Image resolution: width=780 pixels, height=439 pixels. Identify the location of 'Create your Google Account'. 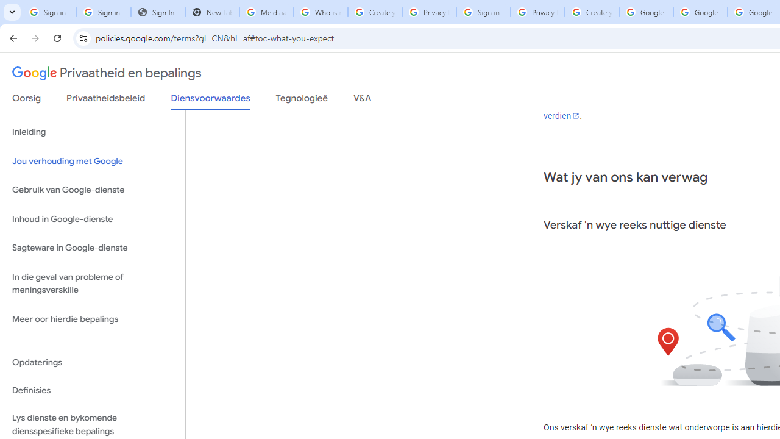
(592, 12).